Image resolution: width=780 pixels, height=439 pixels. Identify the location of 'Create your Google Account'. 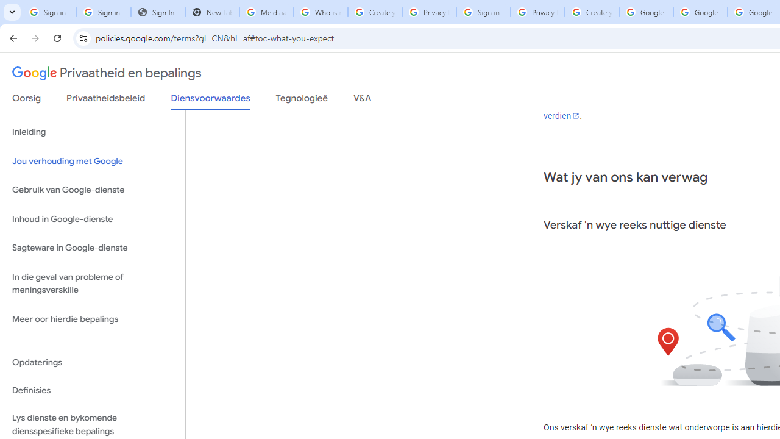
(592, 12).